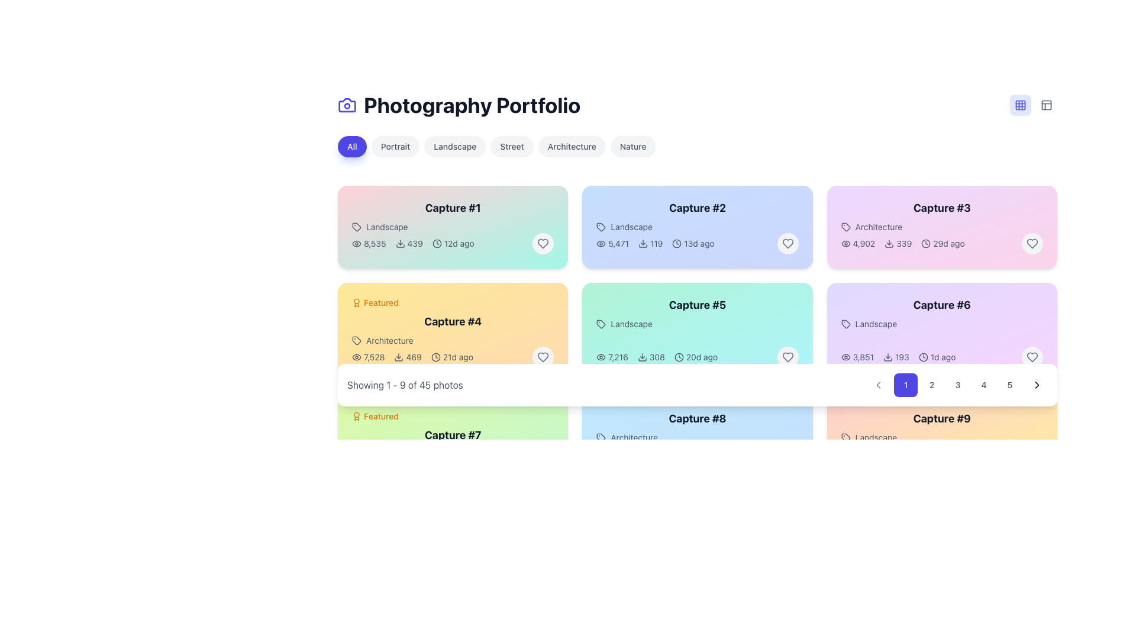  Describe the element at coordinates (788, 243) in the screenshot. I see `the circular button with a light gray background and a heart icon outlined in gray, located in the top-right corner of the card titled 'Capture #2' in the grid layout` at that location.